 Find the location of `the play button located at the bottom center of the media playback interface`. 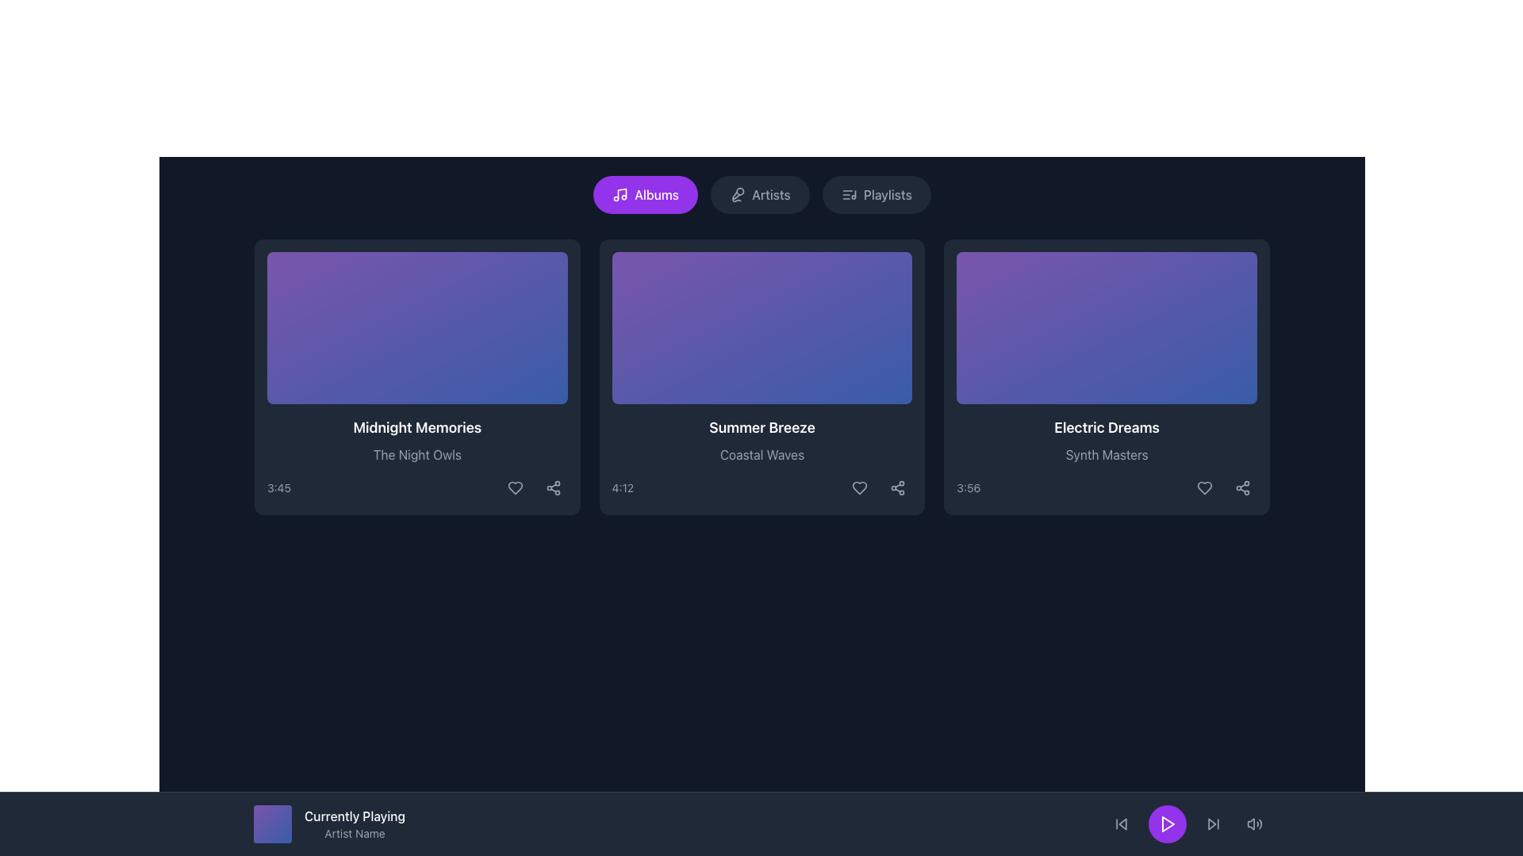

the play button located at the bottom center of the media playback interface is located at coordinates (1168, 824).